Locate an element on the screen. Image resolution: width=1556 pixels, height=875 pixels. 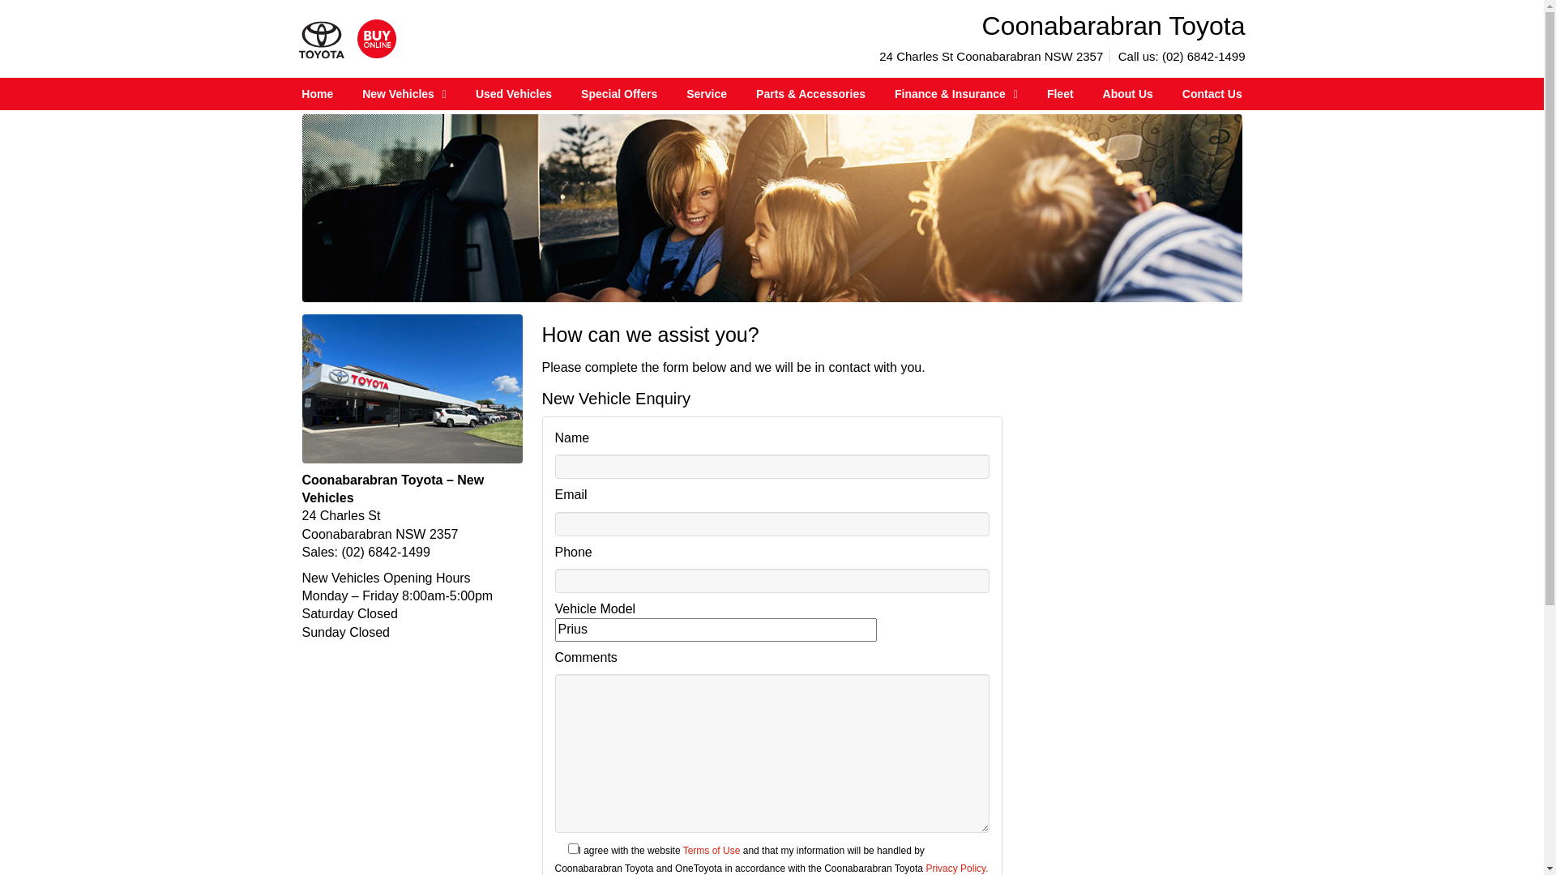
'About Us' is located at coordinates (1127, 93).